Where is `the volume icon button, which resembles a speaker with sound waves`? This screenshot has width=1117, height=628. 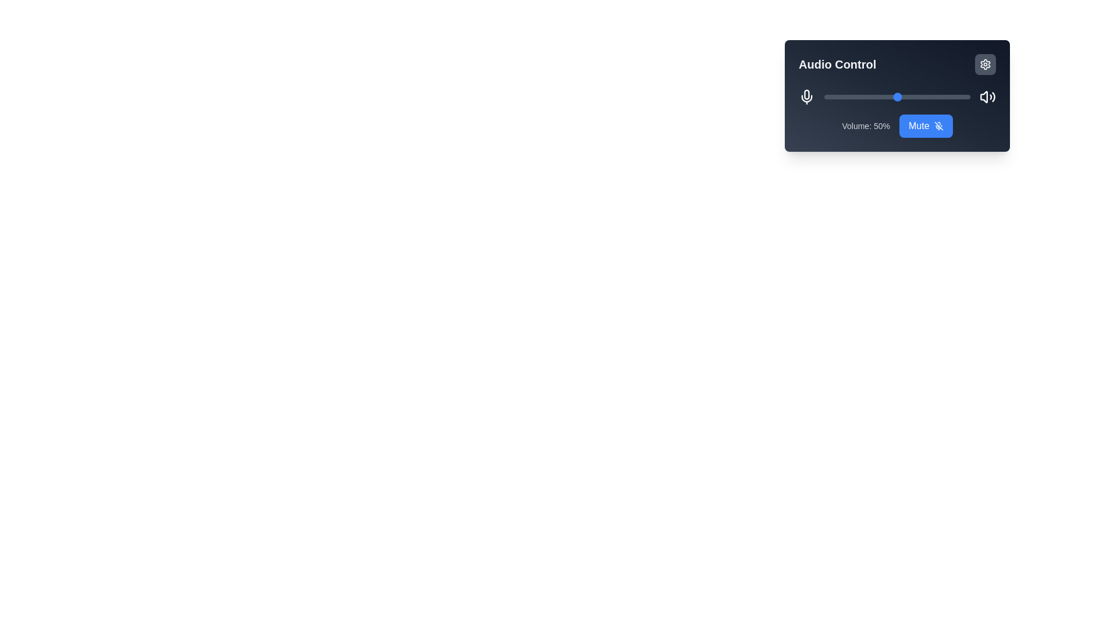 the volume icon button, which resembles a speaker with sound waves is located at coordinates (987, 96).